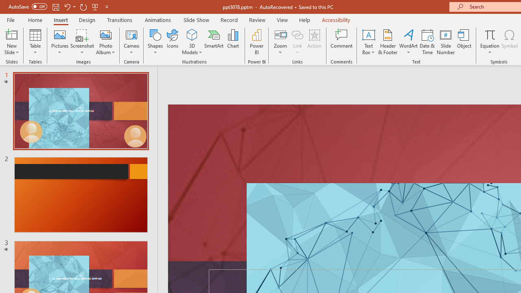 Image resolution: width=521 pixels, height=293 pixels. I want to click on 'Power BI', so click(256, 42).